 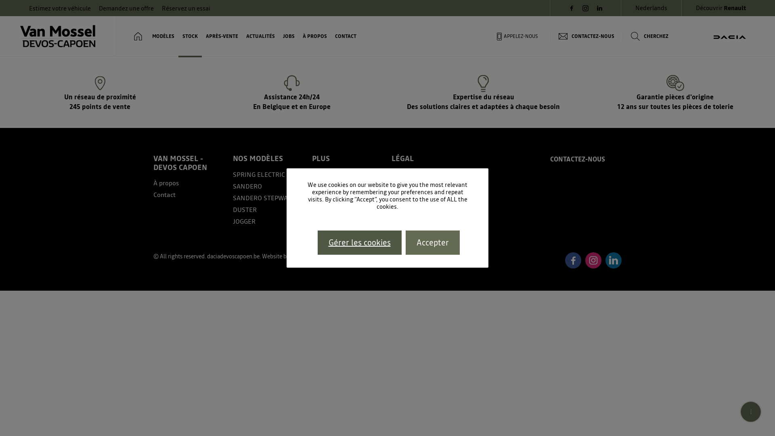 What do you see at coordinates (232, 174) in the screenshot?
I see `'SPRING ELECTRIC'` at bounding box center [232, 174].